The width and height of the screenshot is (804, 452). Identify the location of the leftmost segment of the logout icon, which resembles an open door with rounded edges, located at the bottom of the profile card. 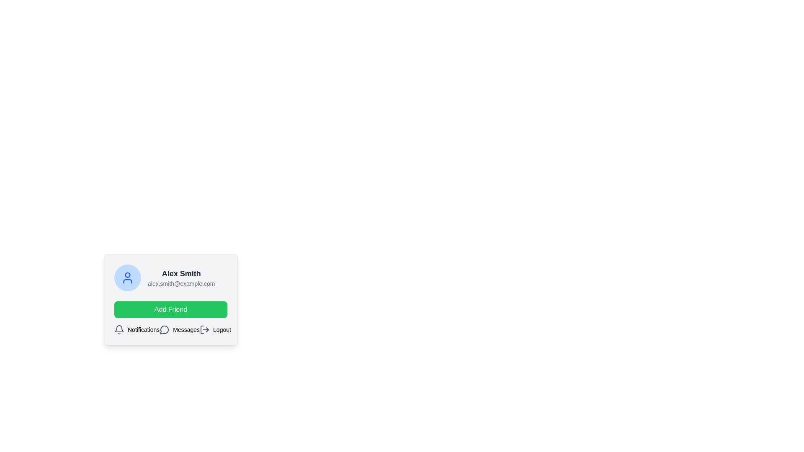
(202, 329).